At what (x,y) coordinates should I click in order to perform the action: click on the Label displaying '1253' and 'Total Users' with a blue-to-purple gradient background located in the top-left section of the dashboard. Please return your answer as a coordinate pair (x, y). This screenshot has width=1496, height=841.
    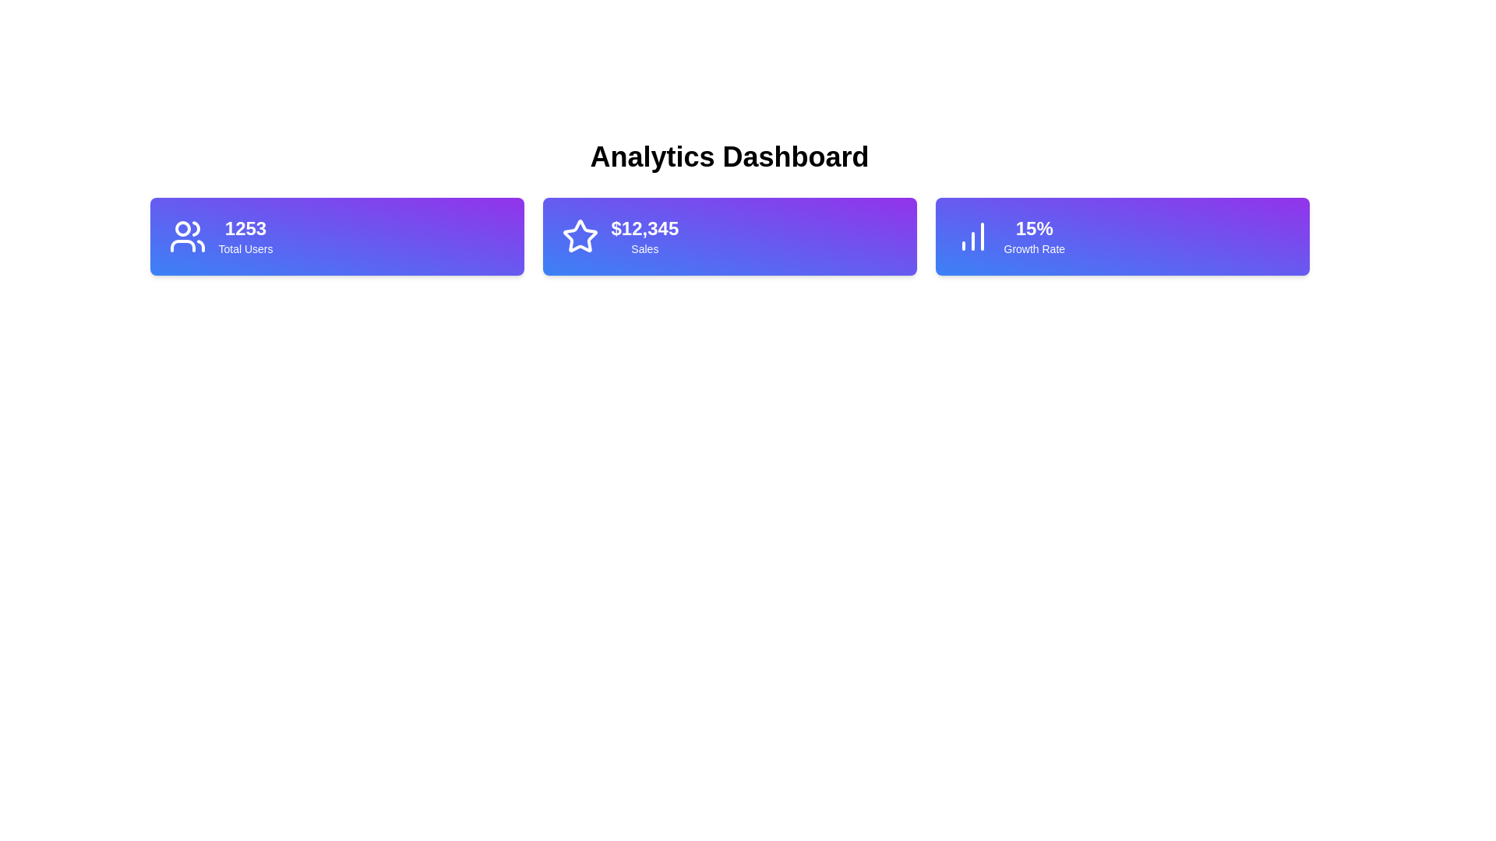
    Looking at the image, I should click on (245, 237).